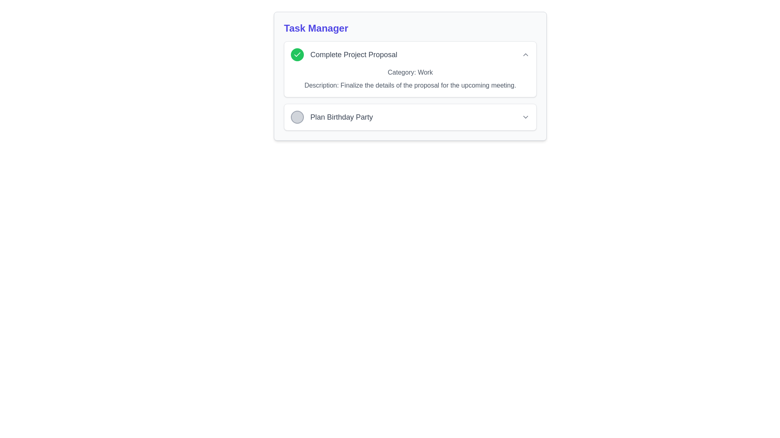 The image size is (780, 438). I want to click on the text label displaying 'Complete Project Proposal', which is styled with medium-sized, bold gray text and is located within the task description card in the 'Task Manager' section, so click(354, 55).